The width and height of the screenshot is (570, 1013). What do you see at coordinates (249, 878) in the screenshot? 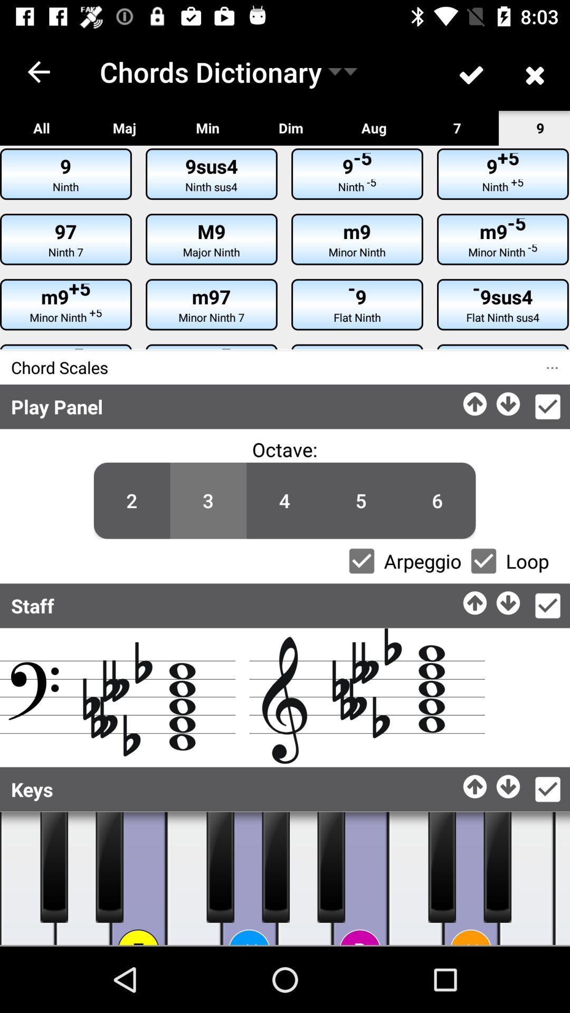
I see `keyboard` at bounding box center [249, 878].